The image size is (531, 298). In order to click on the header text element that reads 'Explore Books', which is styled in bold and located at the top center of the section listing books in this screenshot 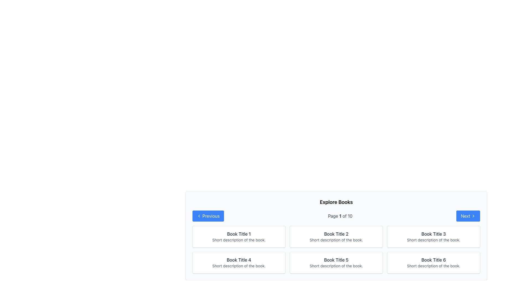, I will do `click(336, 202)`.